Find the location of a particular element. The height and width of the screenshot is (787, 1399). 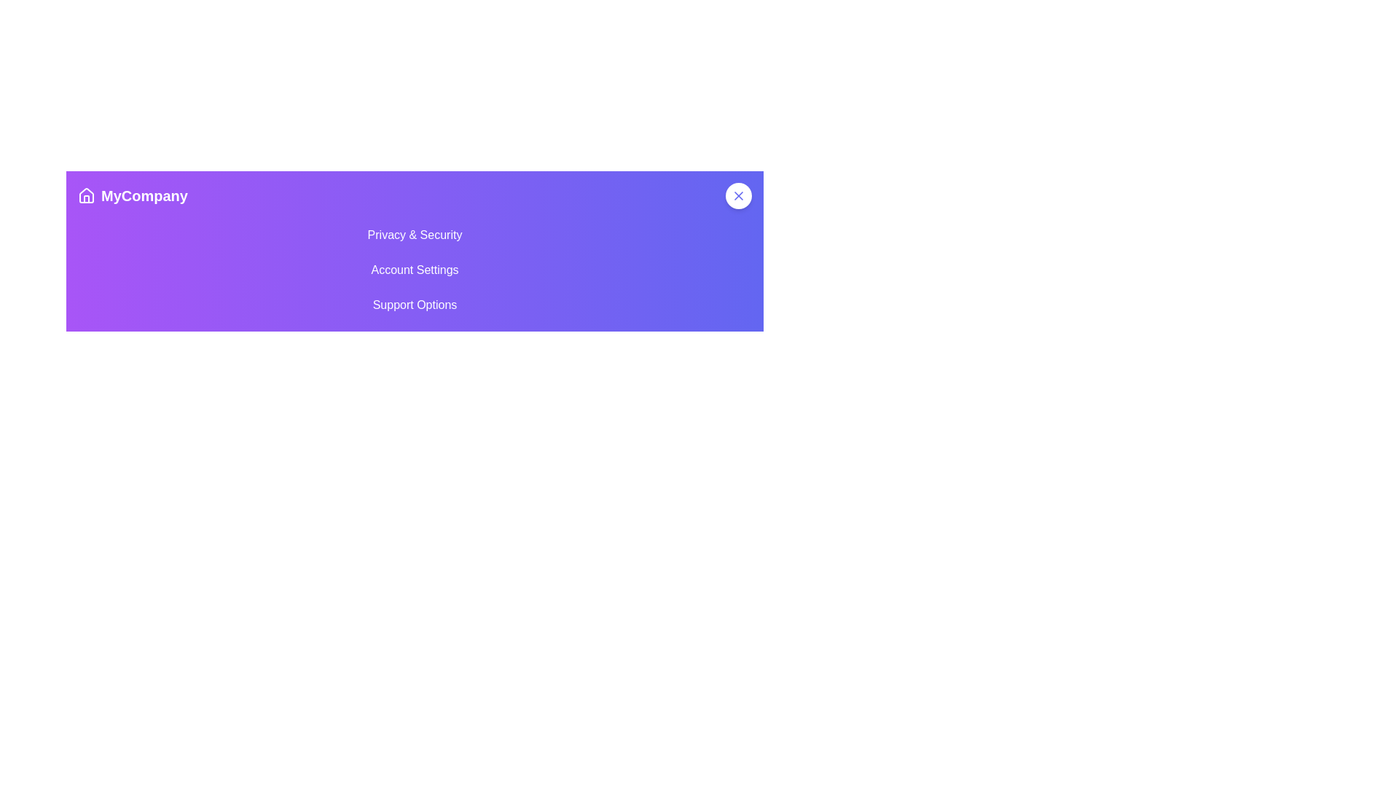

the close icon located in the top-right corner of the purple rectangular section that contains the company name and menu options is located at coordinates (738, 195).